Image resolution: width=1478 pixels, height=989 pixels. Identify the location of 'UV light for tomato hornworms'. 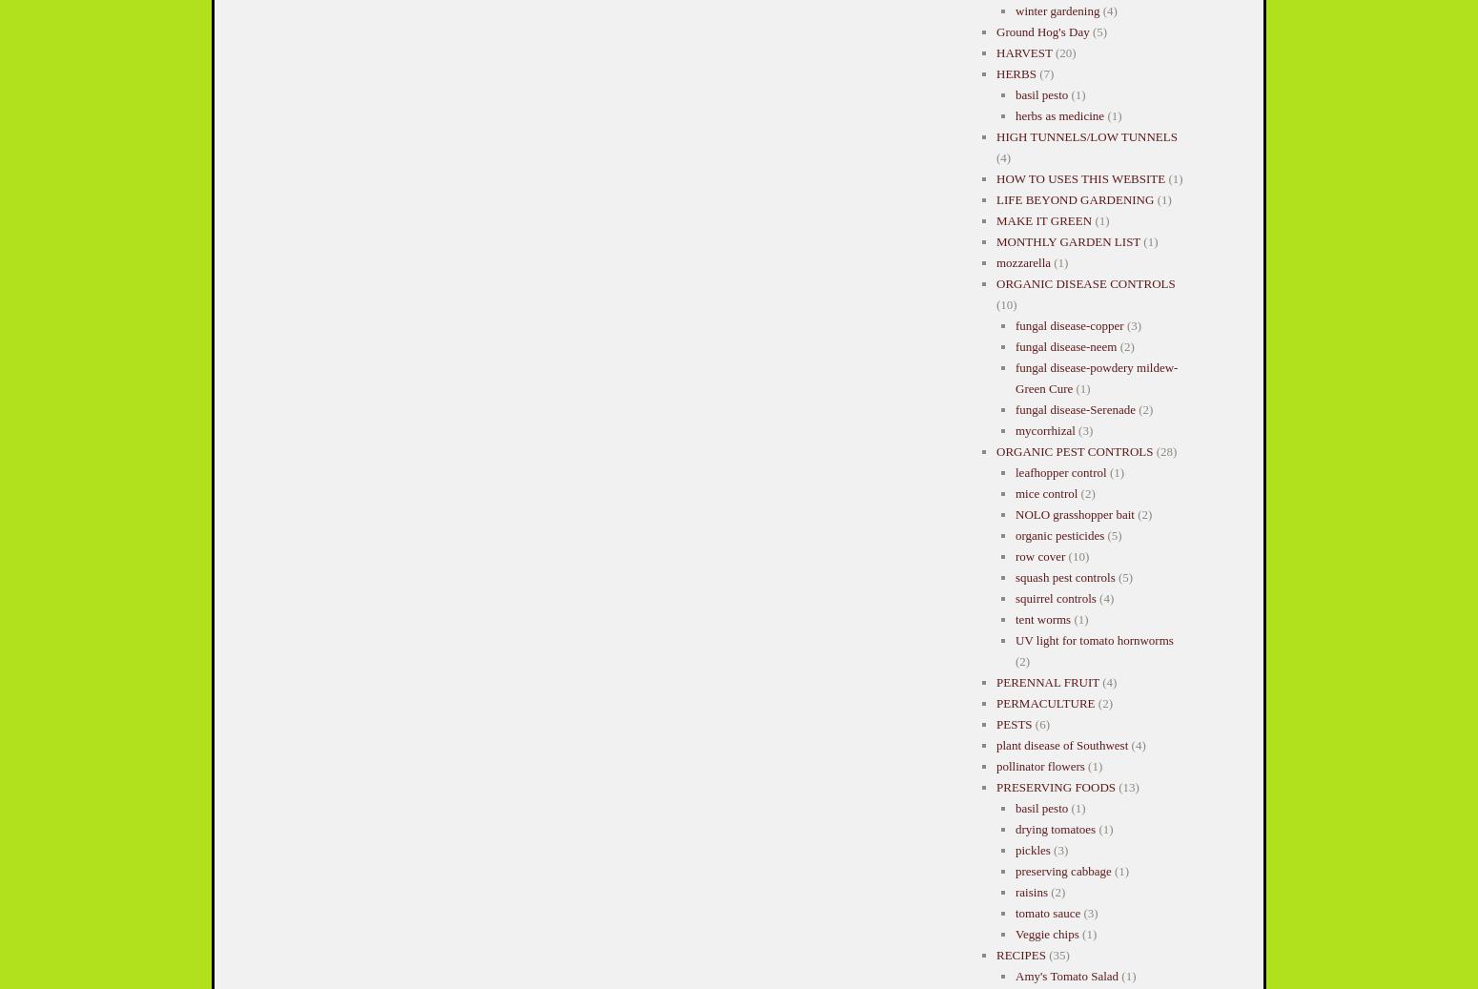
(1093, 640).